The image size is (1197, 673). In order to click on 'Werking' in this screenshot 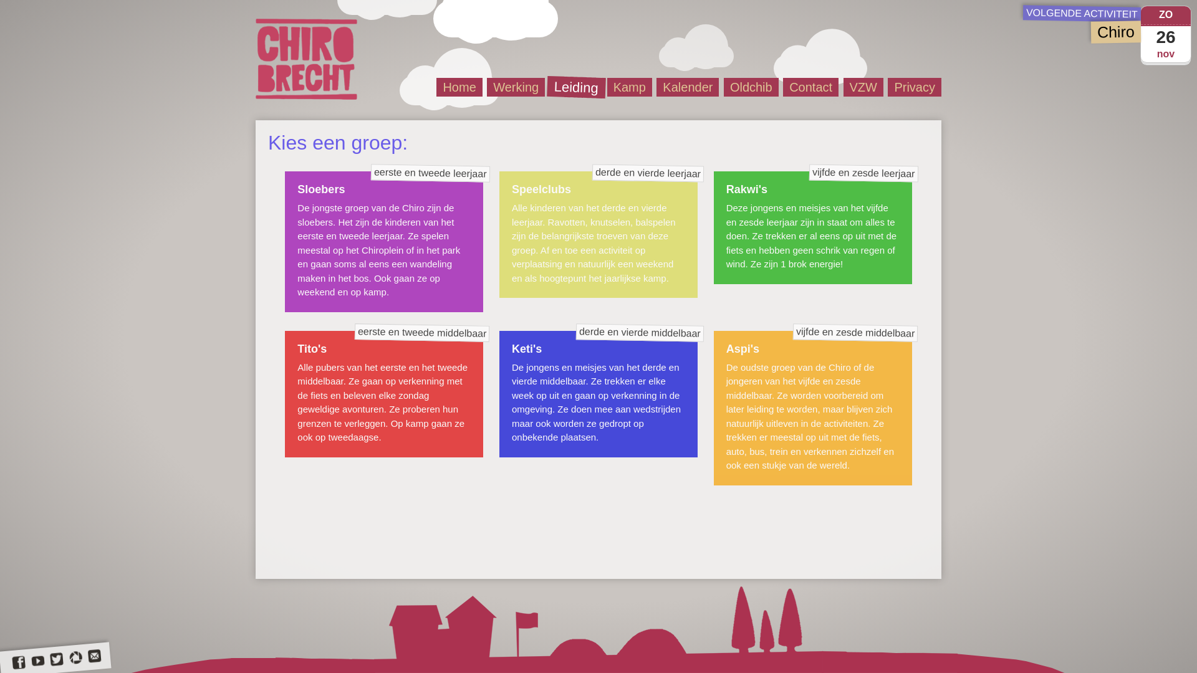, I will do `click(516, 86)`.